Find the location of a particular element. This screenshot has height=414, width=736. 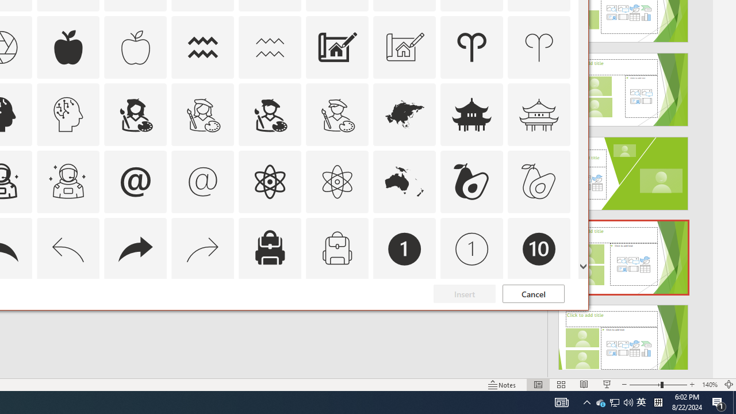

'AutomationID: Icons_Aquarius_M' is located at coordinates (269, 47).